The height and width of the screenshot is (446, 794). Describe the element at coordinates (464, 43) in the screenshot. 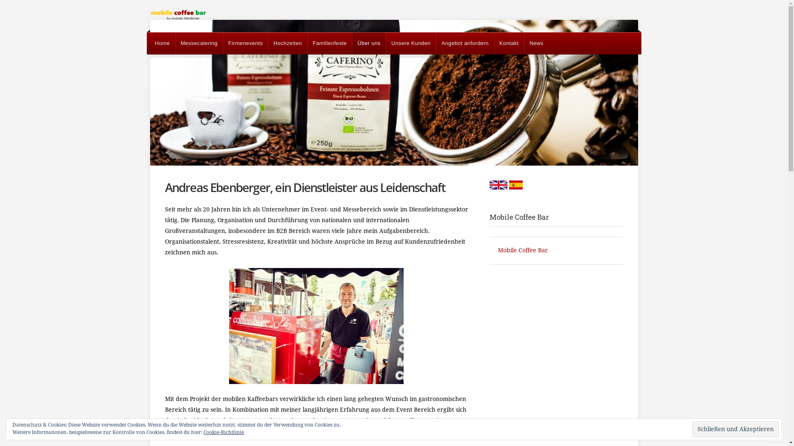

I see `'Angebot anfordern'` at that location.